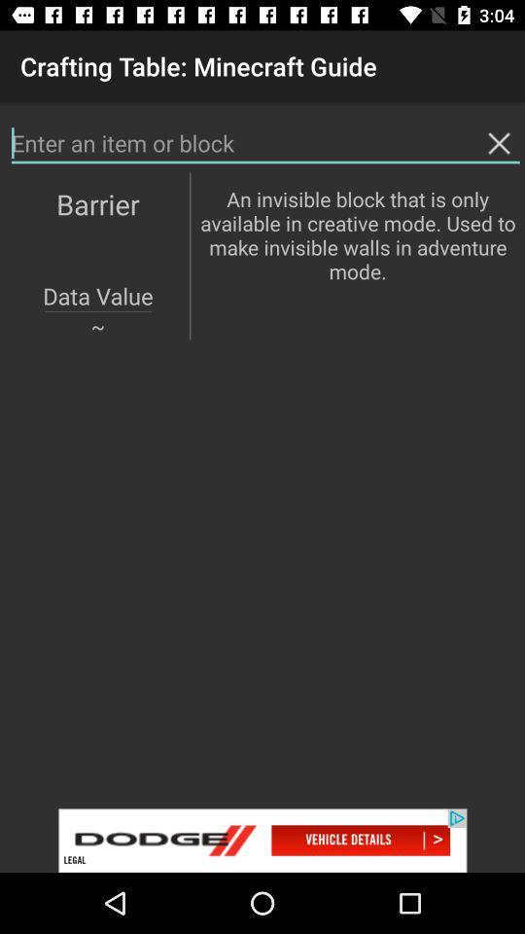 This screenshot has height=934, width=525. Describe the element at coordinates (264, 142) in the screenshot. I see `search page` at that location.